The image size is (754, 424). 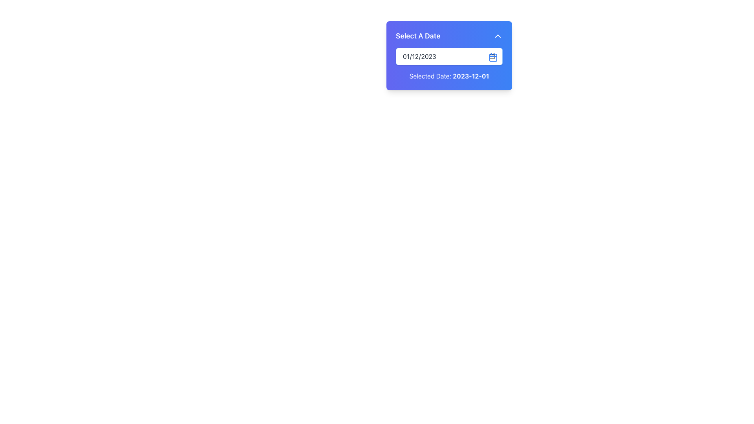 I want to click on the informational text element displaying the selected date '2023-12-01' located within the blue dialog box, so click(x=471, y=76).